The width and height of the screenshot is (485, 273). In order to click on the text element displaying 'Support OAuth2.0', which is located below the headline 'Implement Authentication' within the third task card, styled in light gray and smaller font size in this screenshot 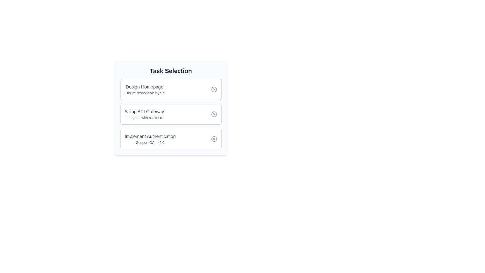, I will do `click(150, 142)`.